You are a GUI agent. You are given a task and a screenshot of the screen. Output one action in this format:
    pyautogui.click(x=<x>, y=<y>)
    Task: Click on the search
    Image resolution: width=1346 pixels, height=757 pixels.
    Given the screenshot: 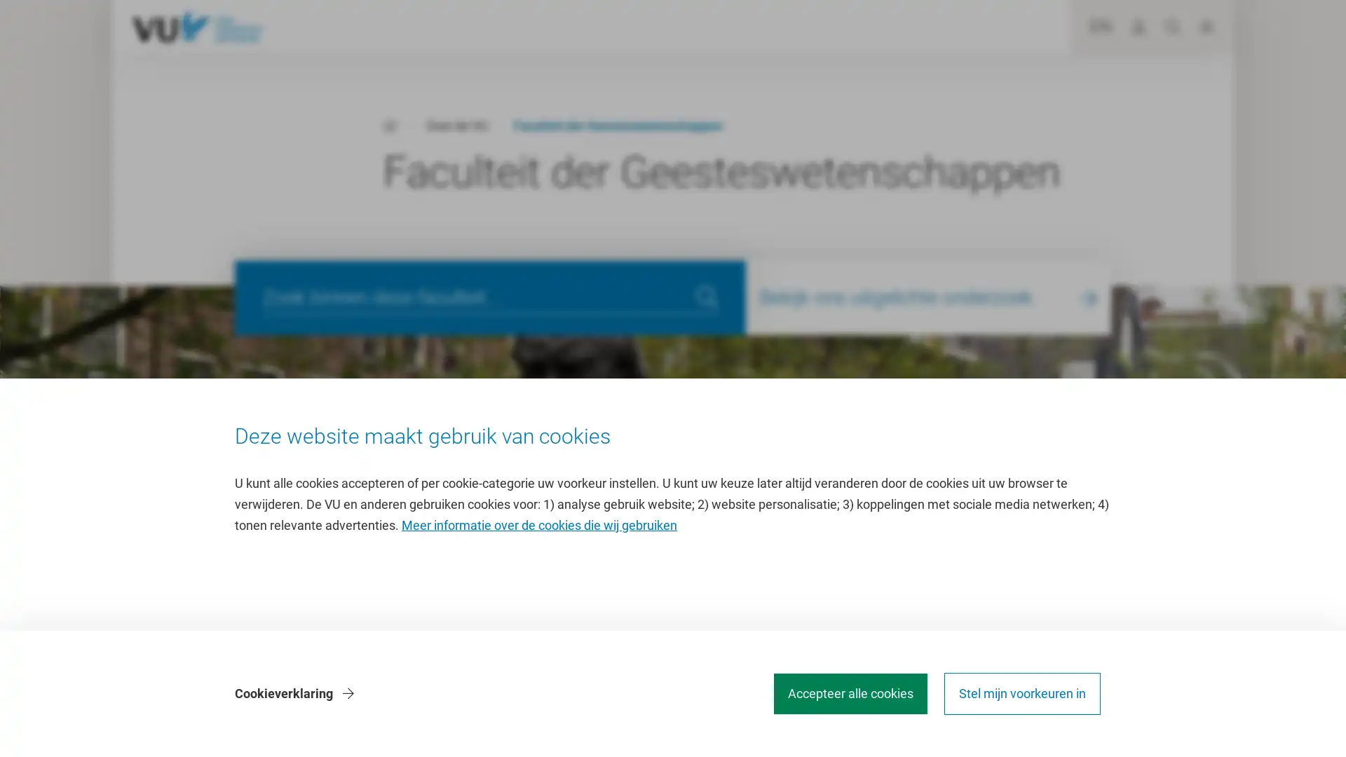 What is the action you would take?
    pyautogui.click(x=707, y=296)
    